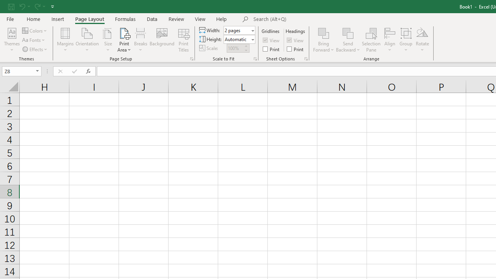  What do you see at coordinates (34, 40) in the screenshot?
I see `'Fonts'` at bounding box center [34, 40].